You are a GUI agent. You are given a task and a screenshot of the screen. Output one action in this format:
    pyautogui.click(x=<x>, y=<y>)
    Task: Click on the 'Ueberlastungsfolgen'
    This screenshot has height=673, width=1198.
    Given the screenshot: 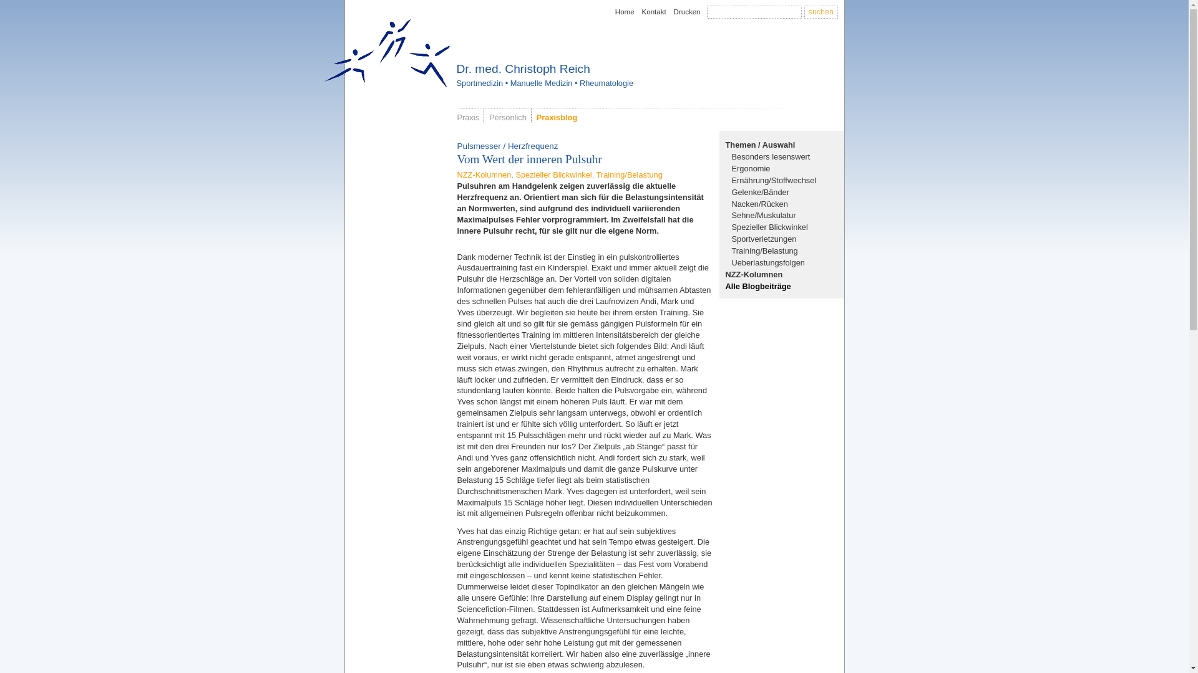 What is the action you would take?
    pyautogui.click(x=767, y=262)
    